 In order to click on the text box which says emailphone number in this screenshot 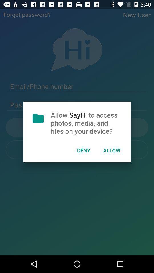, I will do `click(77, 86)`.